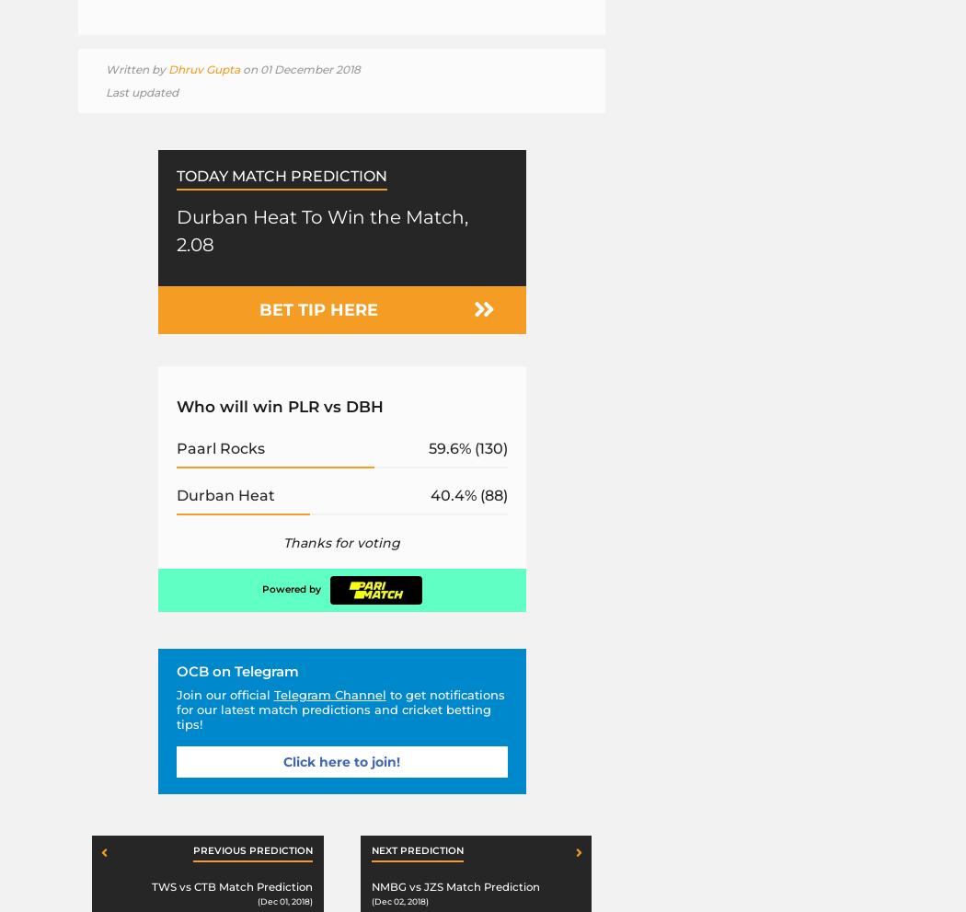 This screenshot has width=966, height=912. What do you see at coordinates (174, 494) in the screenshot?
I see `'Durban Heat'` at bounding box center [174, 494].